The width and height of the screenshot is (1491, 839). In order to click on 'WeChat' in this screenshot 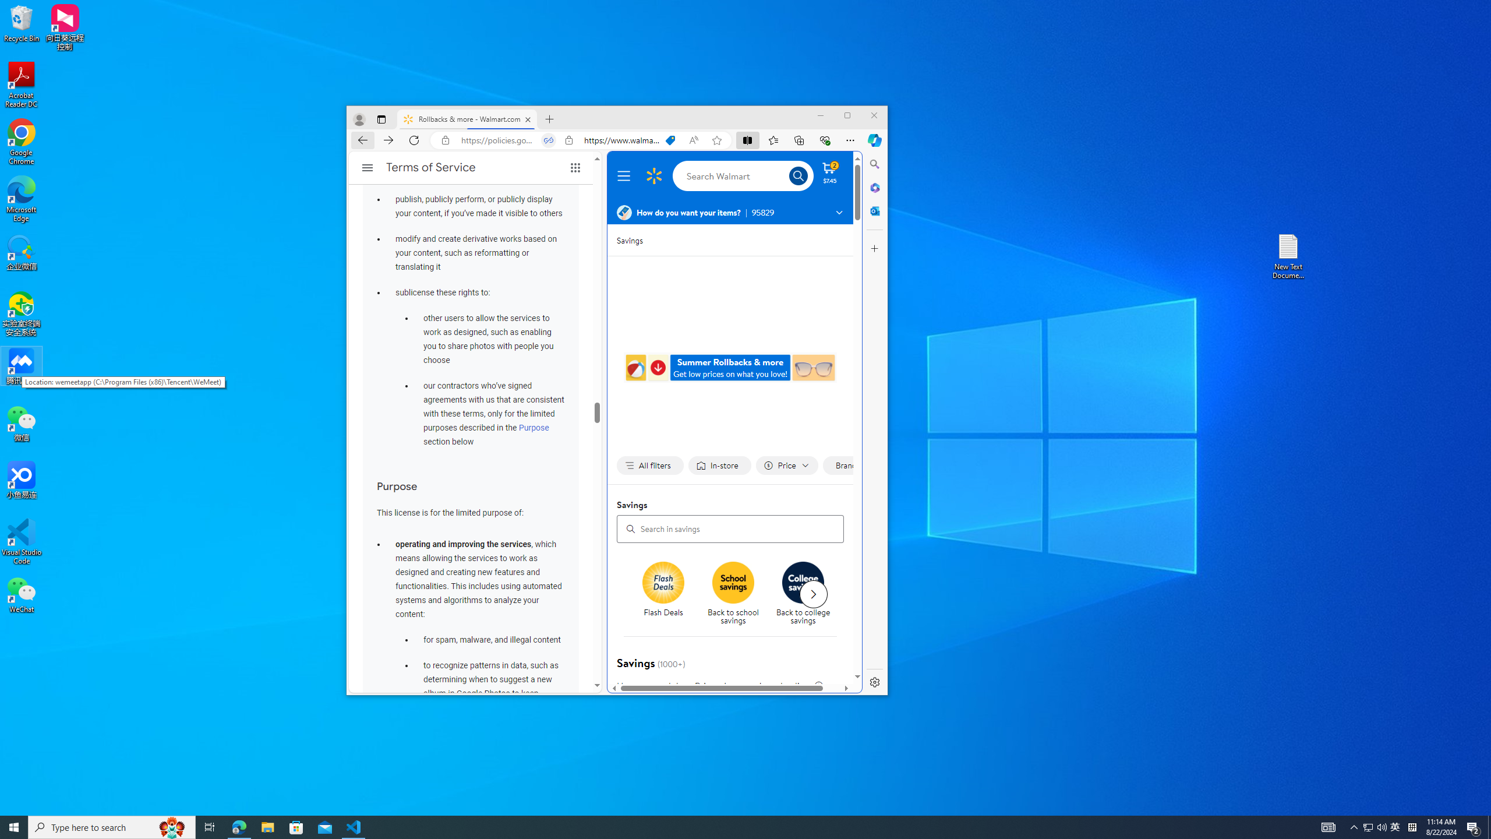, I will do `click(21, 594)`.